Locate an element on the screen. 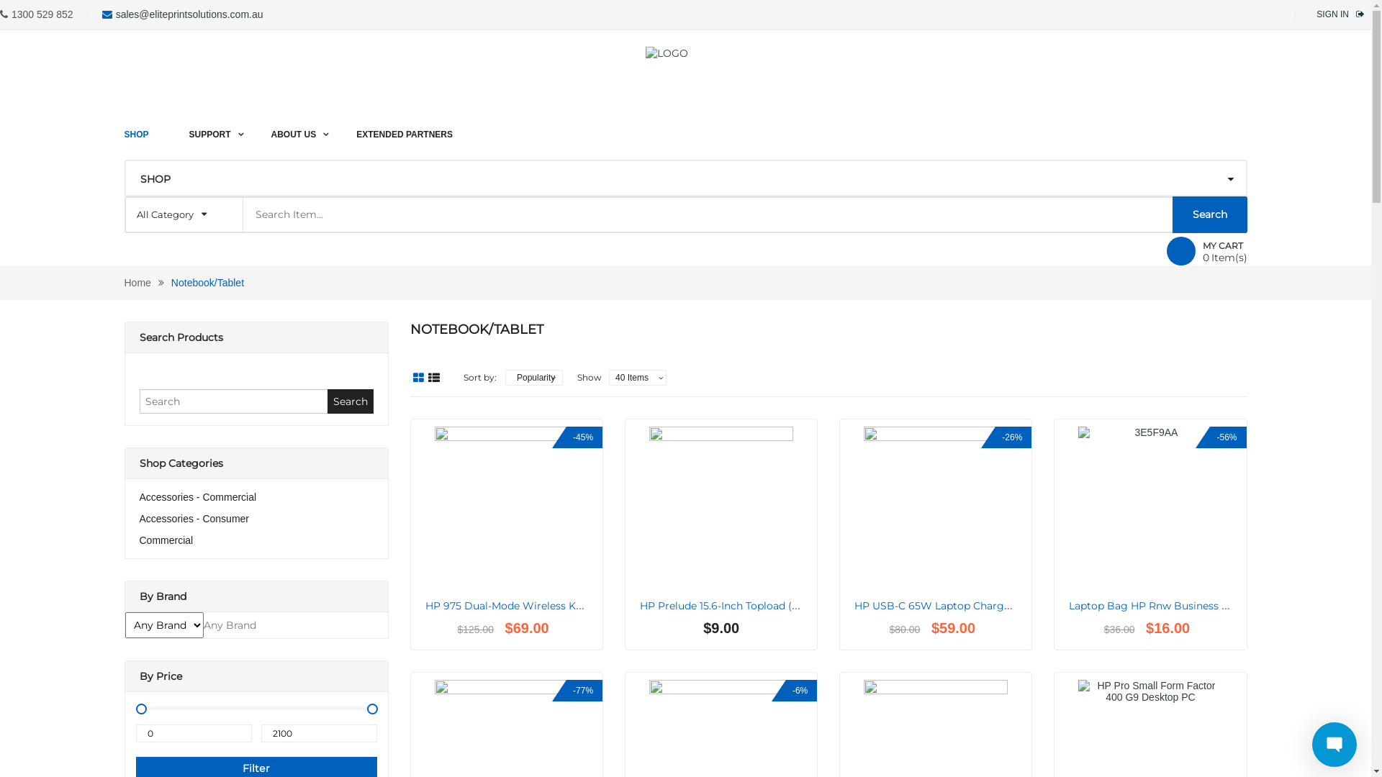  'ABOUT US' is located at coordinates (293, 126).